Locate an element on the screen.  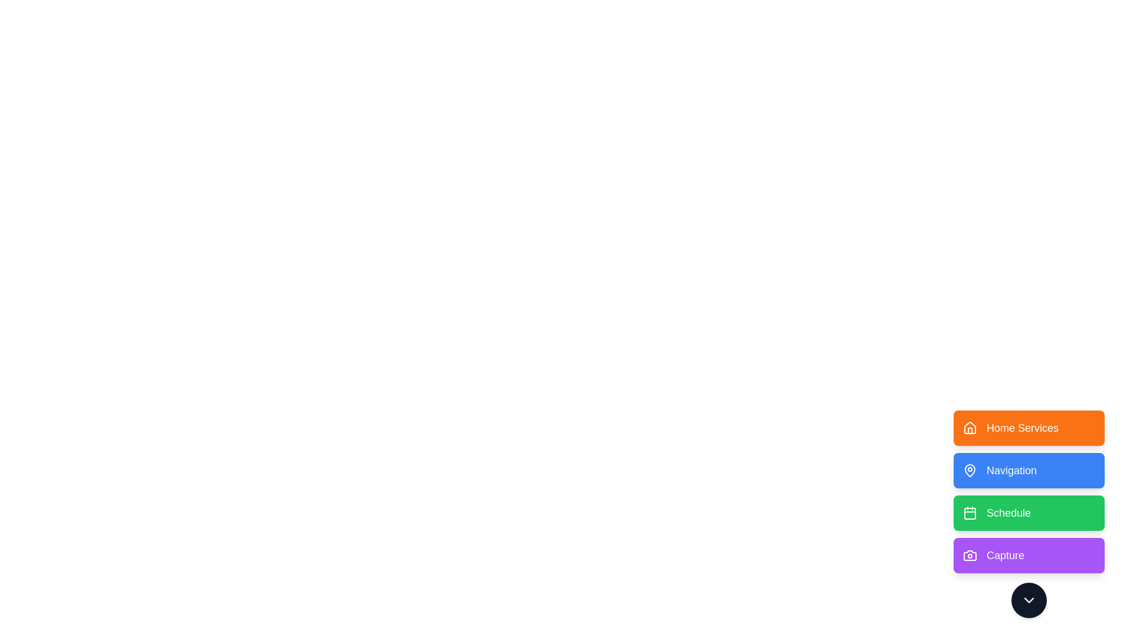
the 'Home Services' button is located at coordinates (1028, 428).